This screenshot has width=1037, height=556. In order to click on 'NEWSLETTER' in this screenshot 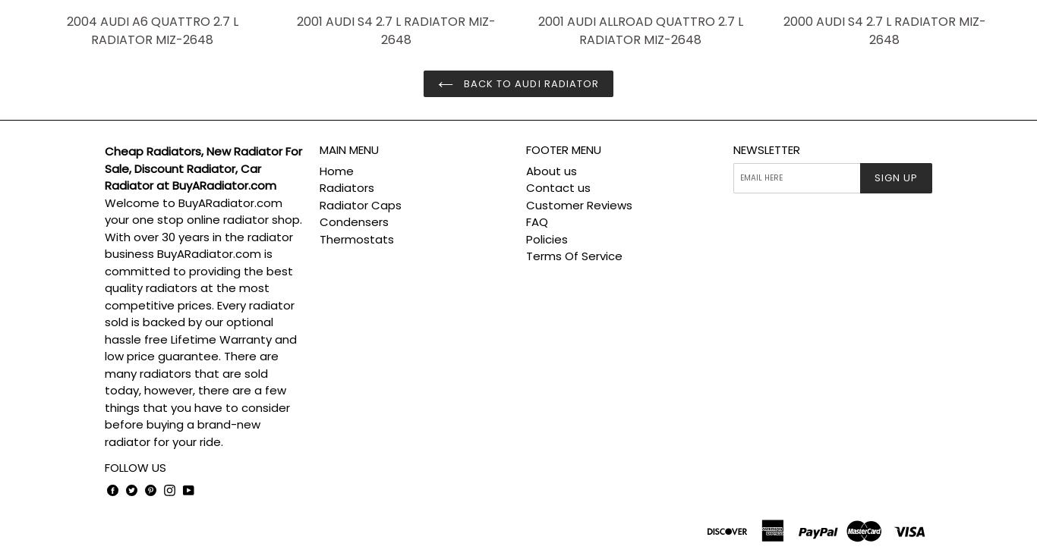, I will do `click(766, 149)`.